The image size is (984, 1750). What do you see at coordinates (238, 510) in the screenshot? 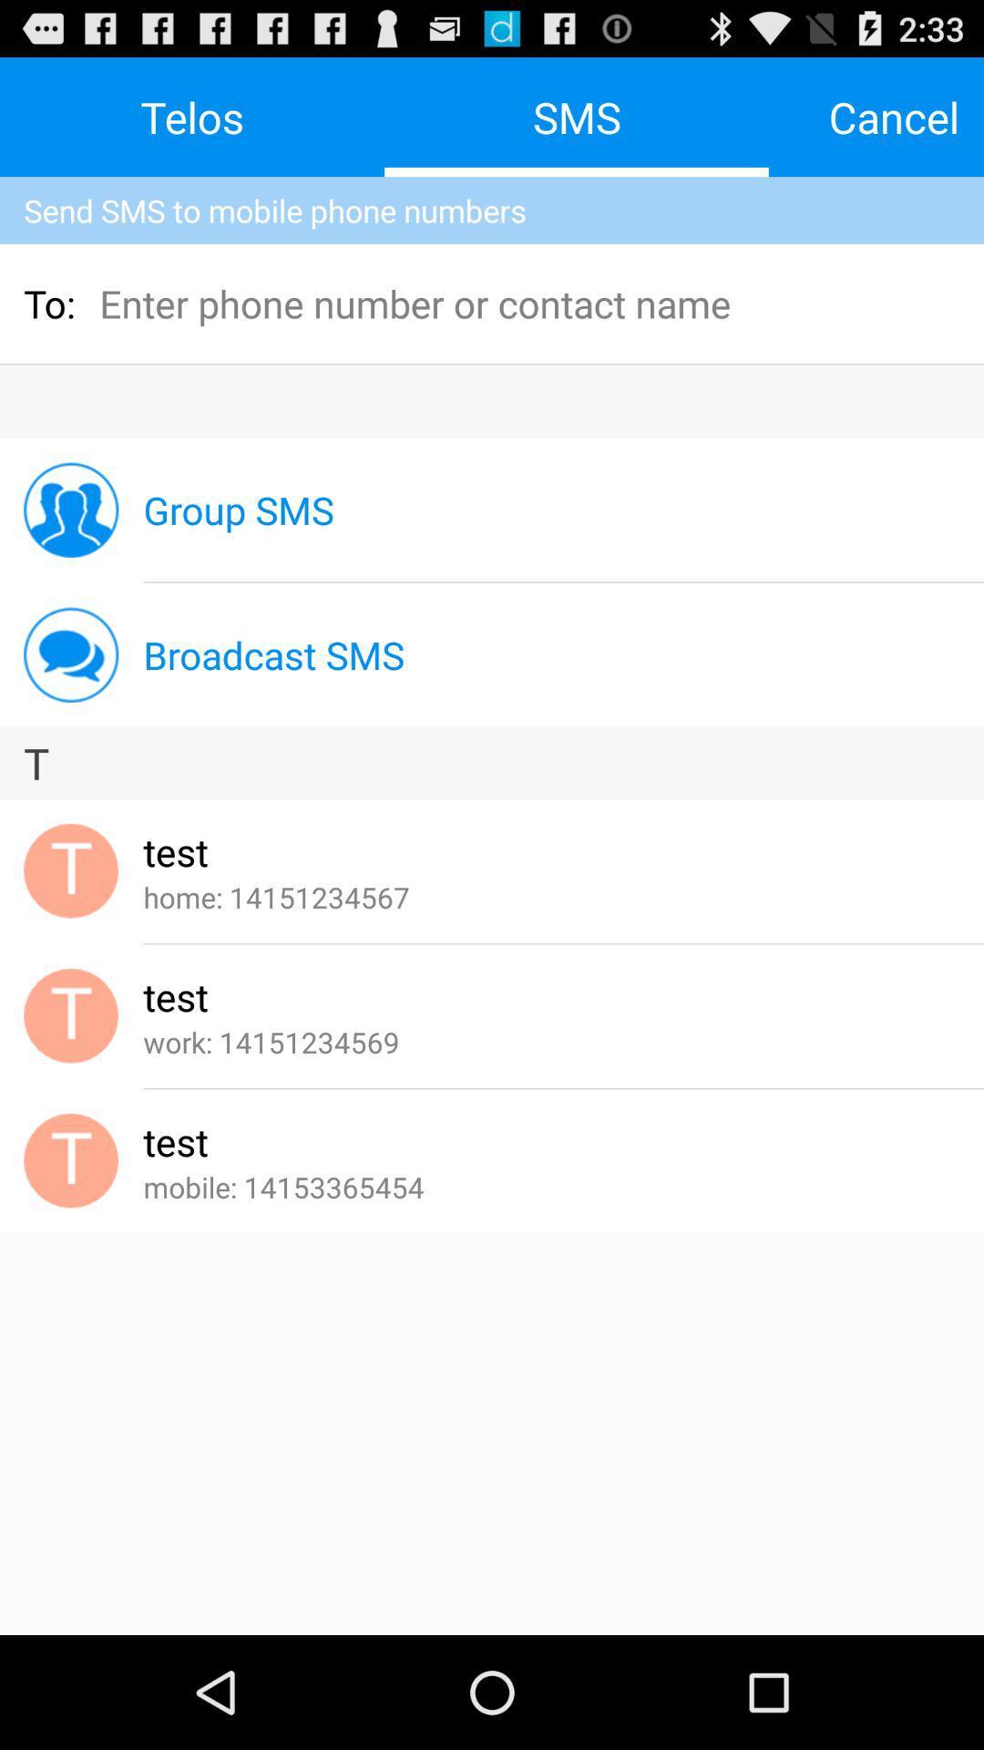
I see `group sms icon` at bounding box center [238, 510].